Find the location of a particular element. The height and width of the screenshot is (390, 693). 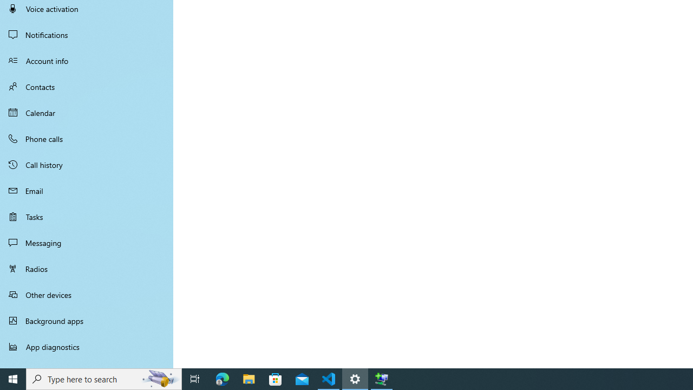

'Contacts' is located at coordinates (87, 86).